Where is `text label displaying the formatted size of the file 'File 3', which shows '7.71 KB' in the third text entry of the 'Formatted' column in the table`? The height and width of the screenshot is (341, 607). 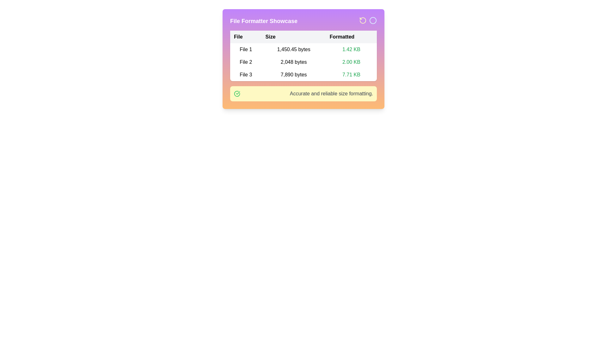
text label displaying the formatted size of the file 'File 3', which shows '7.71 KB' in the third text entry of the 'Formatted' column in the table is located at coordinates (351, 74).